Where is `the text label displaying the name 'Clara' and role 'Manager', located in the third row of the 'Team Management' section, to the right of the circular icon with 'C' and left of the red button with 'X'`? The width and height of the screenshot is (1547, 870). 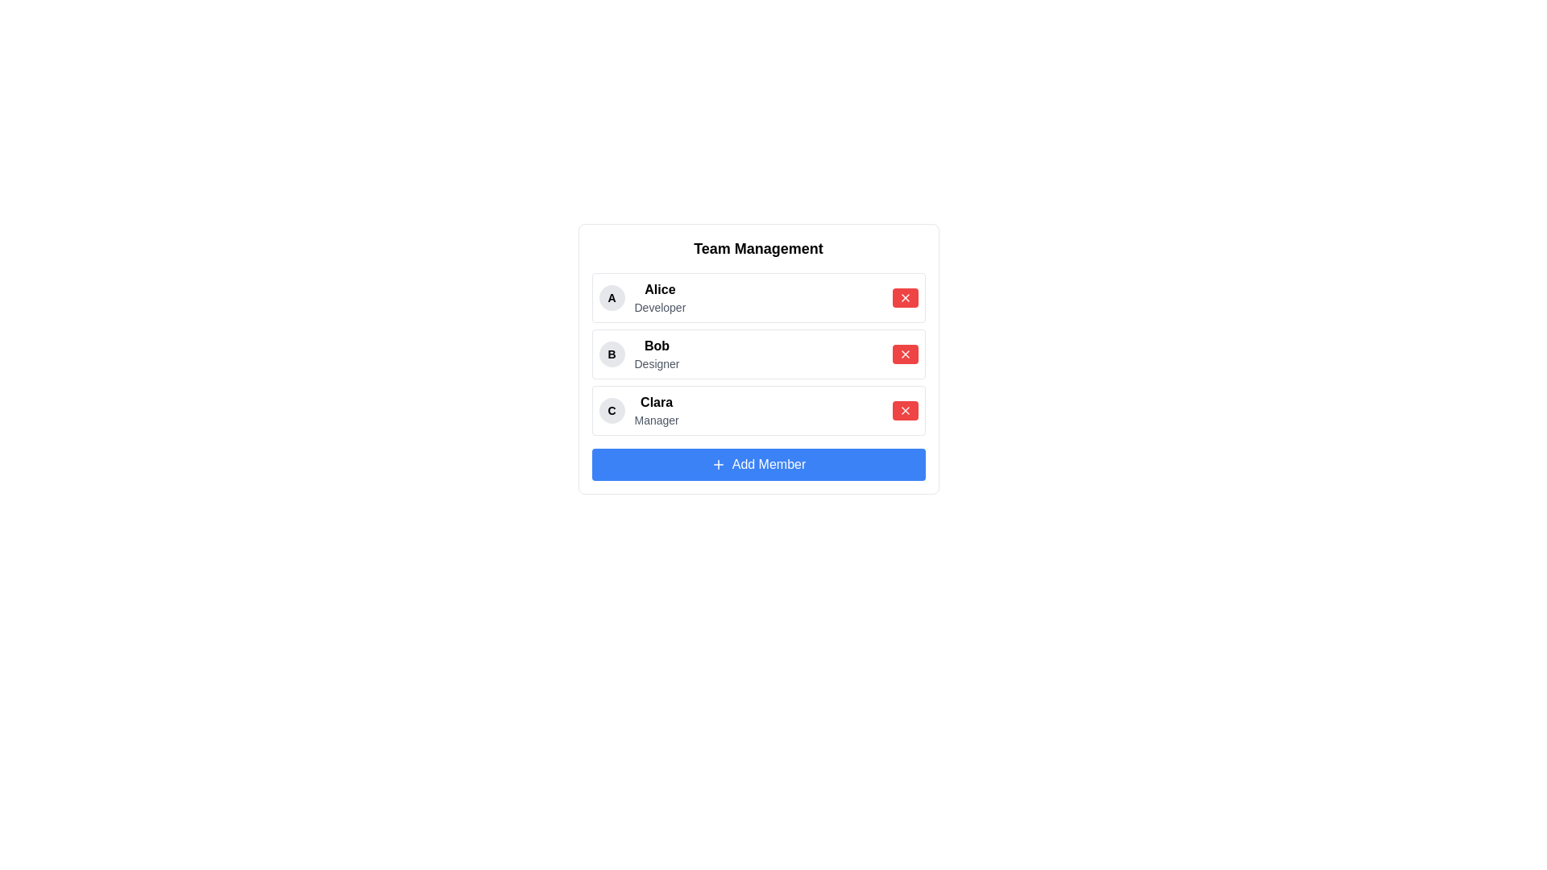 the text label displaying the name 'Clara' and role 'Manager', located in the third row of the 'Team Management' section, to the right of the circular icon with 'C' and left of the red button with 'X' is located at coordinates (657, 409).